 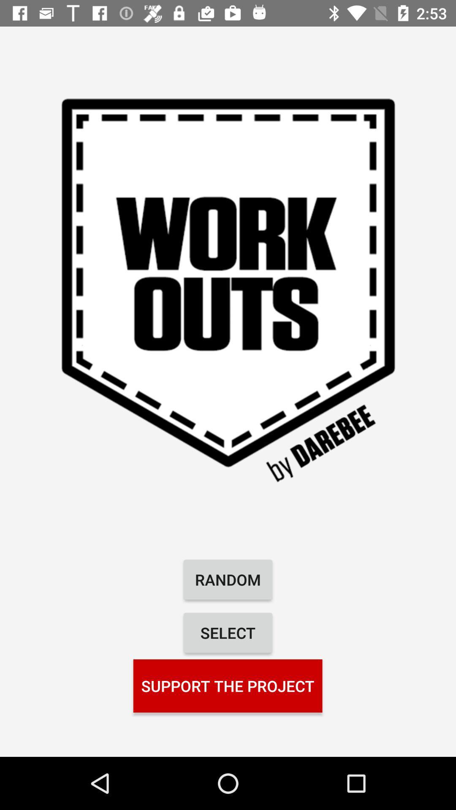 I want to click on random icon, so click(x=228, y=579).